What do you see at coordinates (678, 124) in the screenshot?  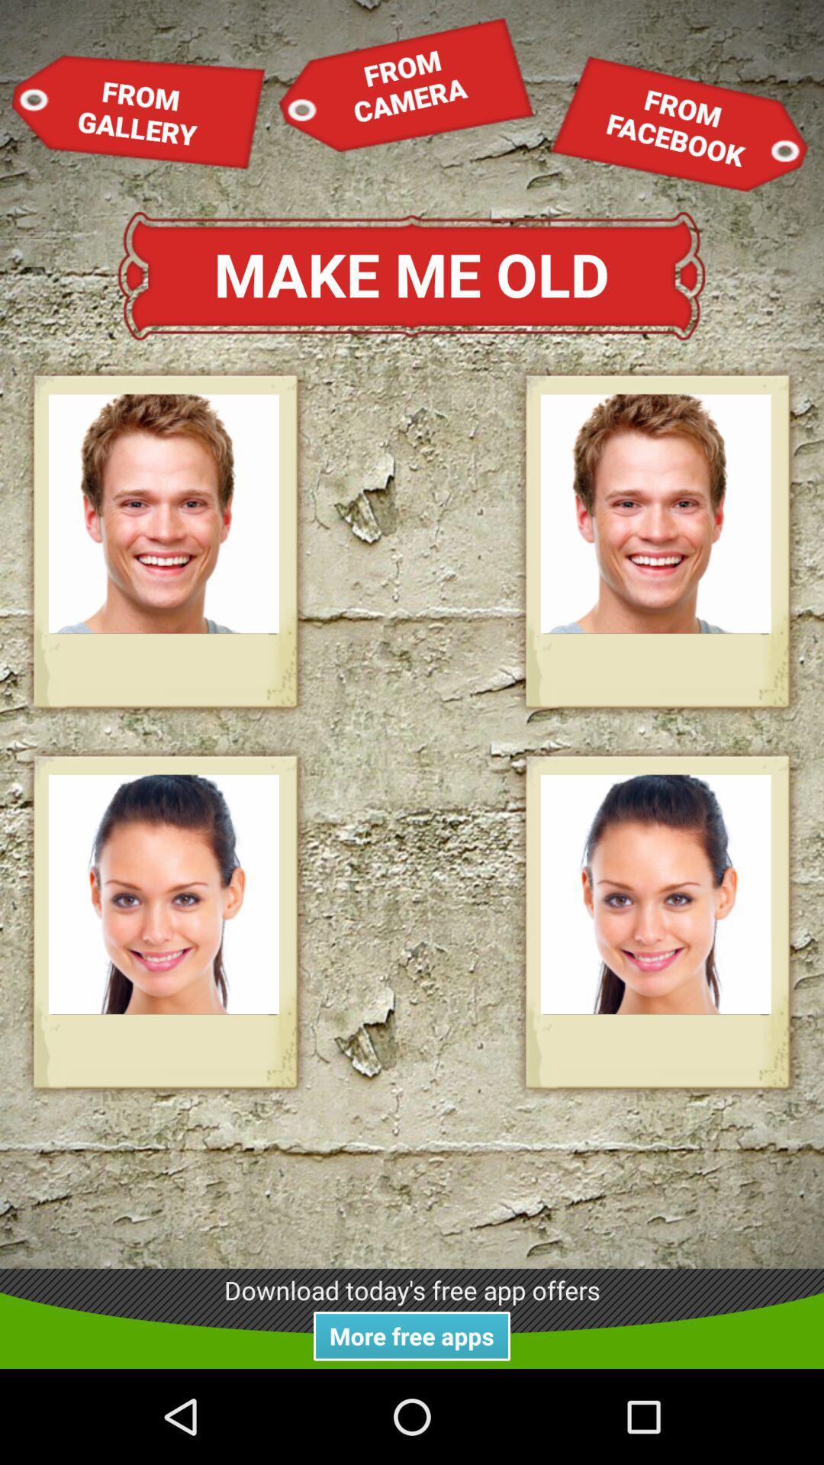 I see `from` at bounding box center [678, 124].